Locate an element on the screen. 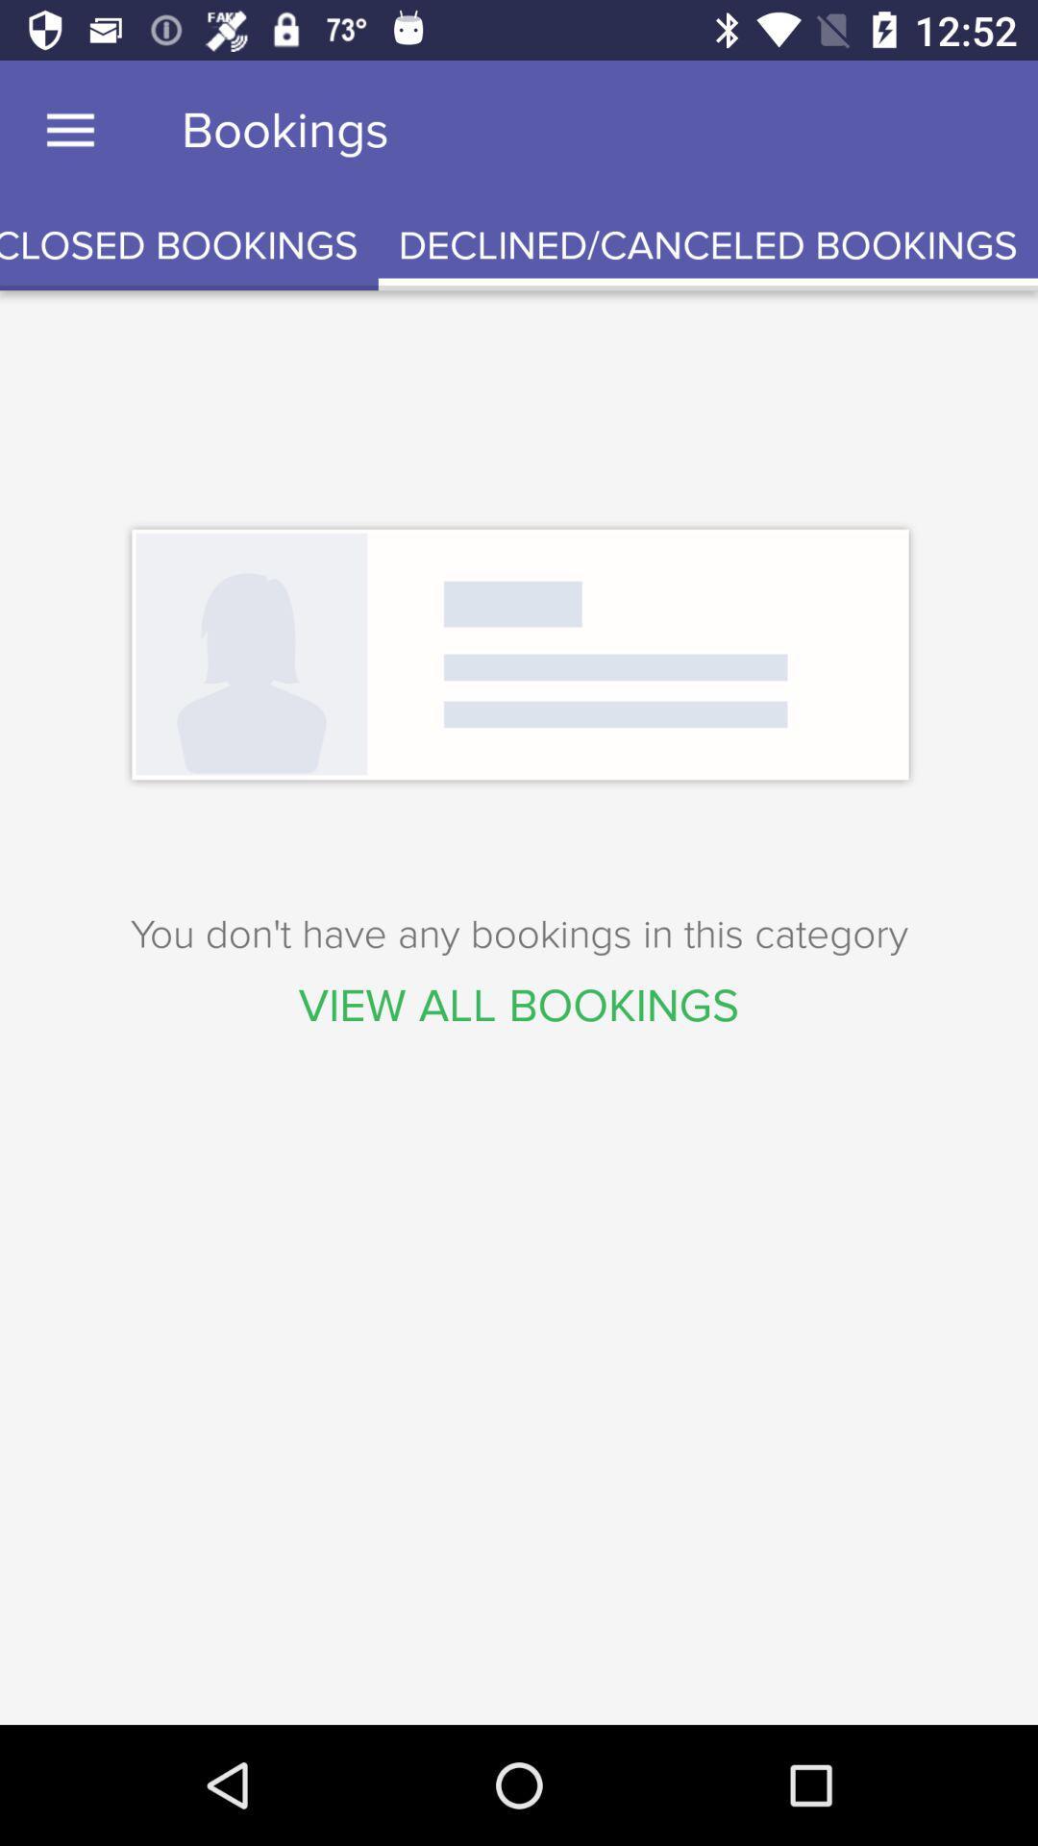  the view all bookings icon is located at coordinates (519, 1005).